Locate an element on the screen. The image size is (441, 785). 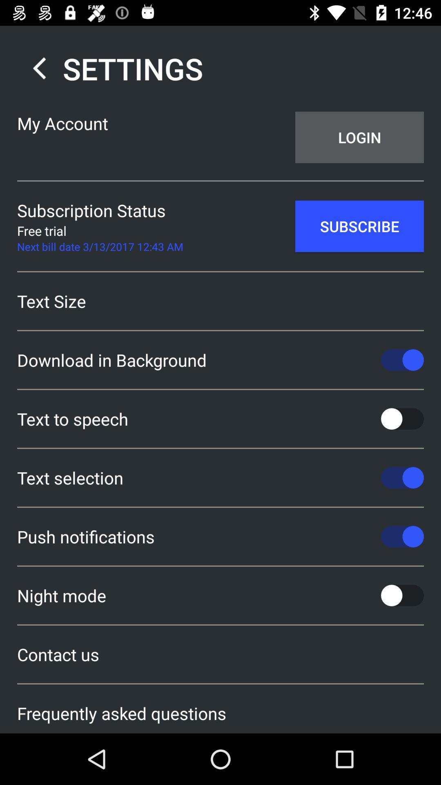
the download in background item is located at coordinates (220, 360).